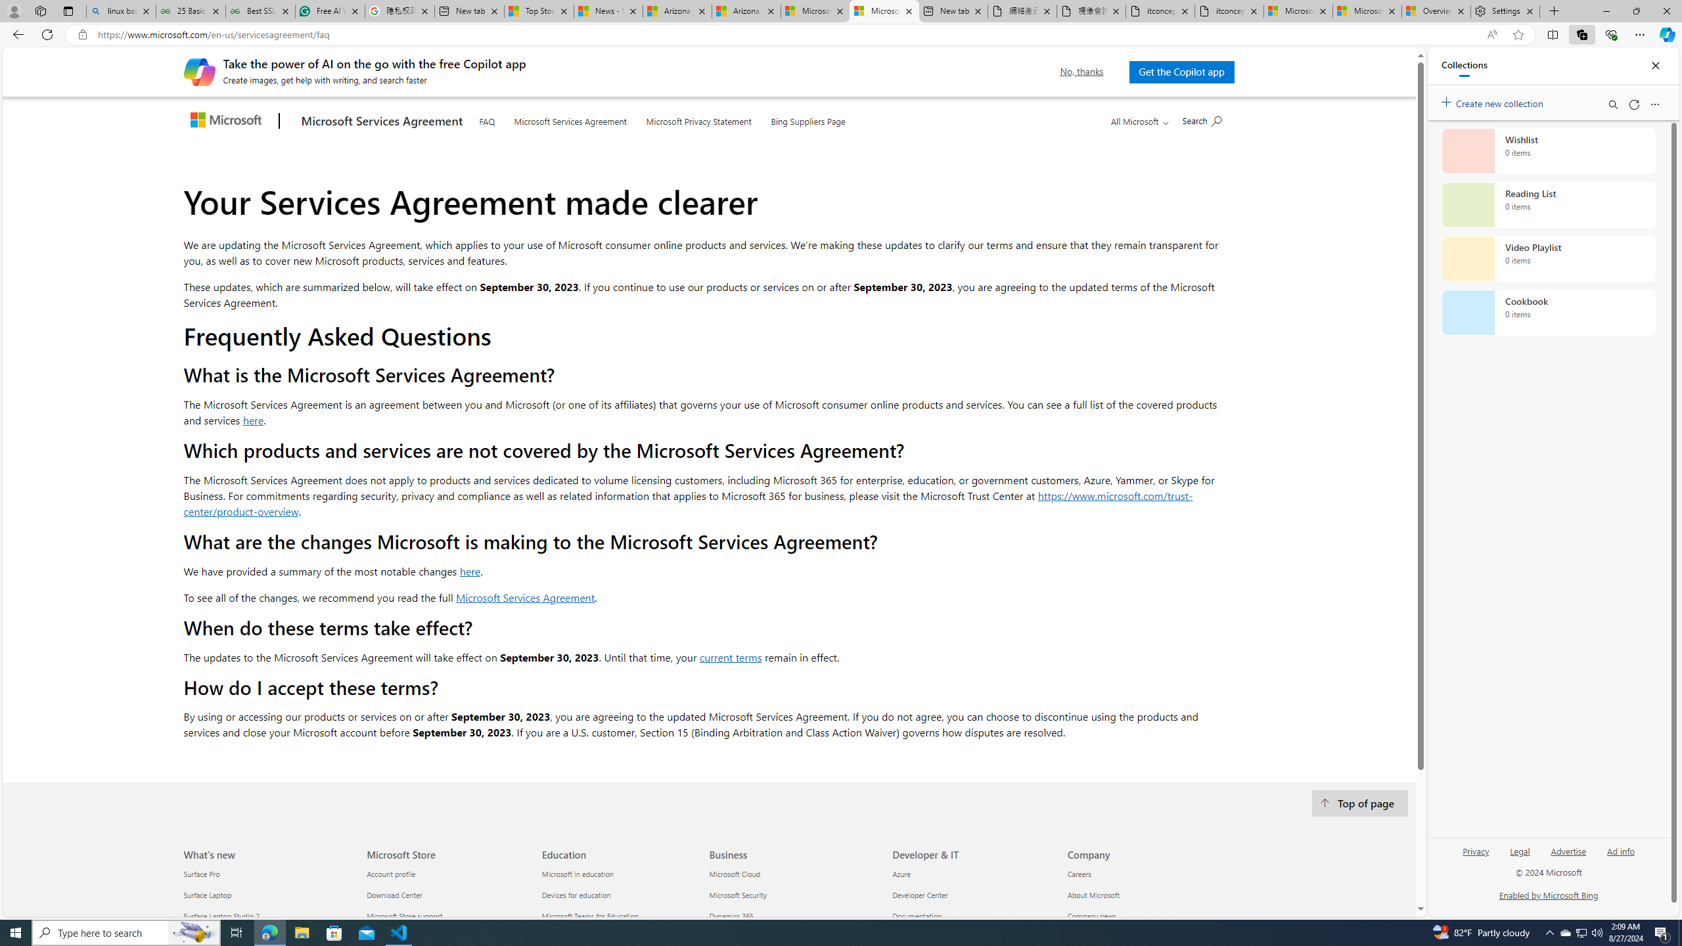 This screenshot has width=1682, height=946. What do you see at coordinates (1181, 71) in the screenshot?
I see `'Get the Copilot app '` at bounding box center [1181, 71].